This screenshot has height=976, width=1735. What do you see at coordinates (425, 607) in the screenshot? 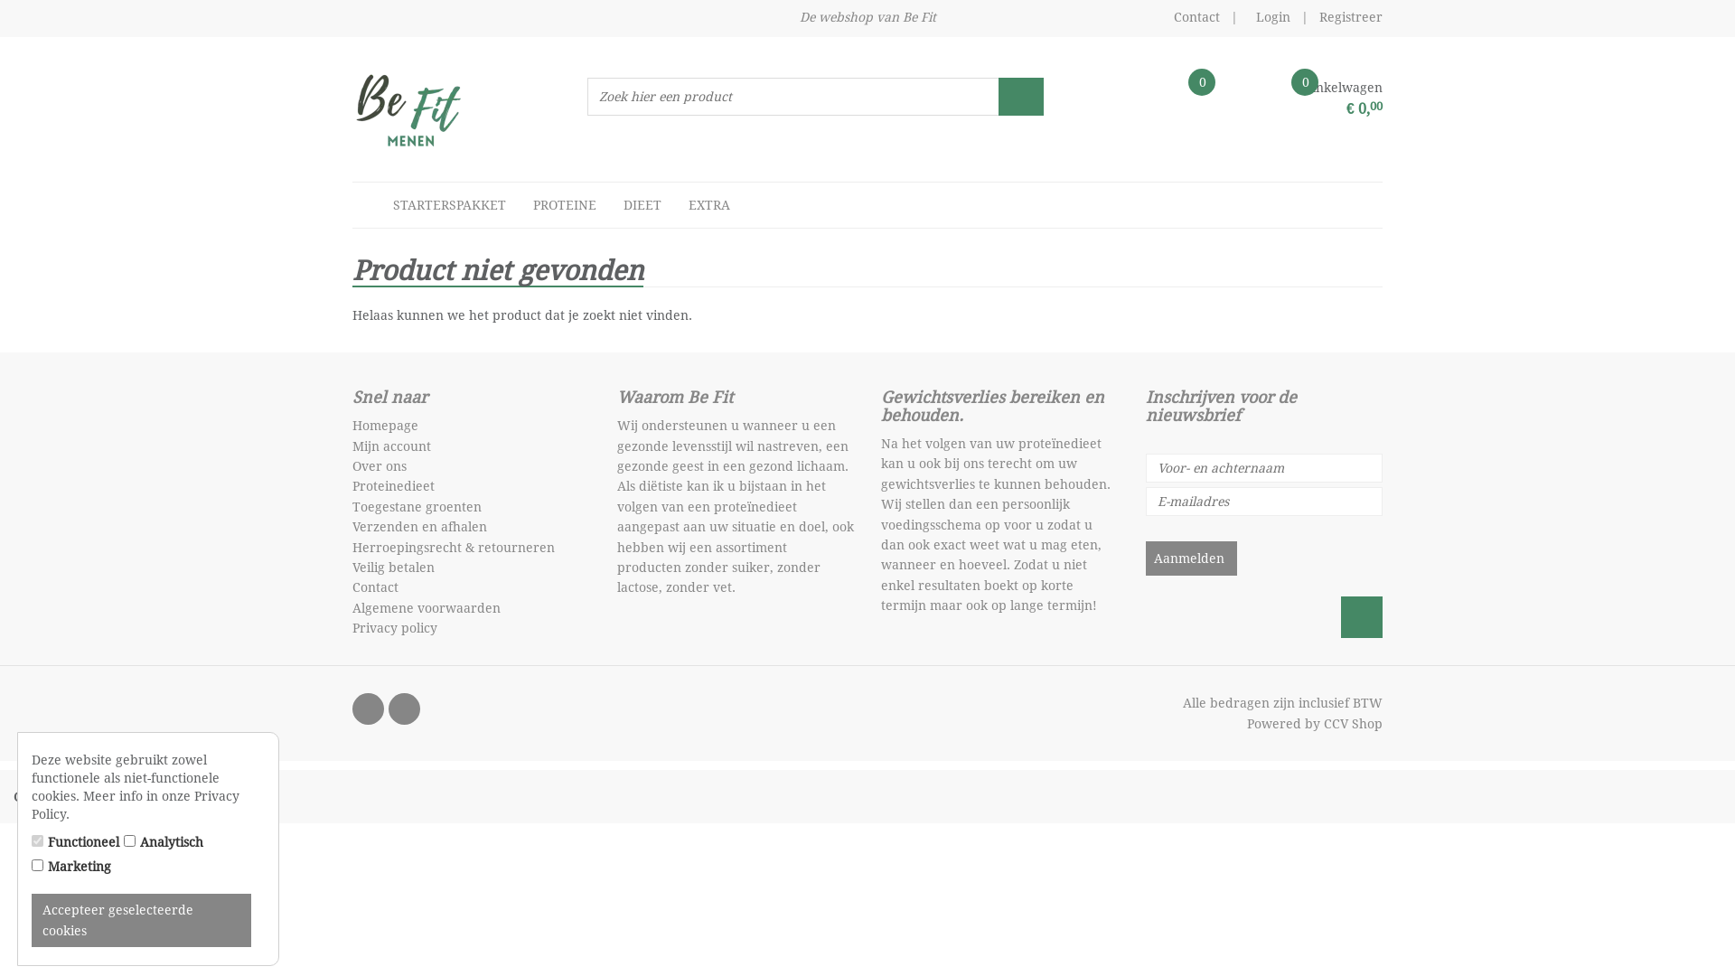
I see `'Algemene voorwaarden'` at bounding box center [425, 607].